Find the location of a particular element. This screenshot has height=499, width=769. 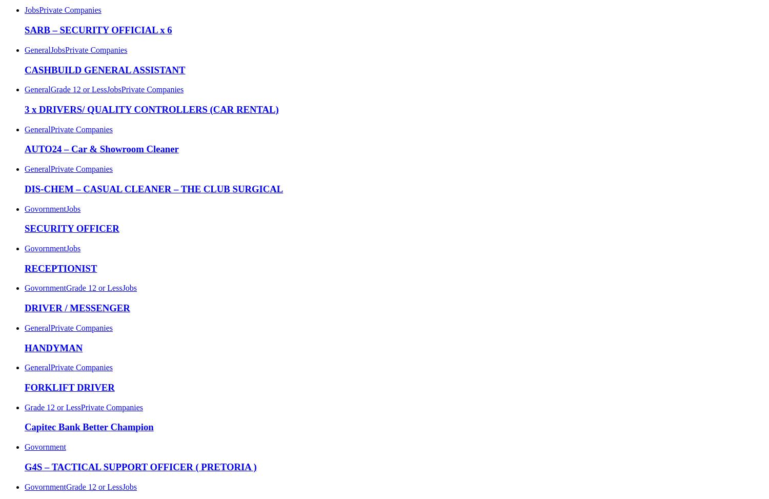

'3 x DRIVERS/ QUALITY CONTROLLERS (CAR RENTAL)' is located at coordinates (151, 108).